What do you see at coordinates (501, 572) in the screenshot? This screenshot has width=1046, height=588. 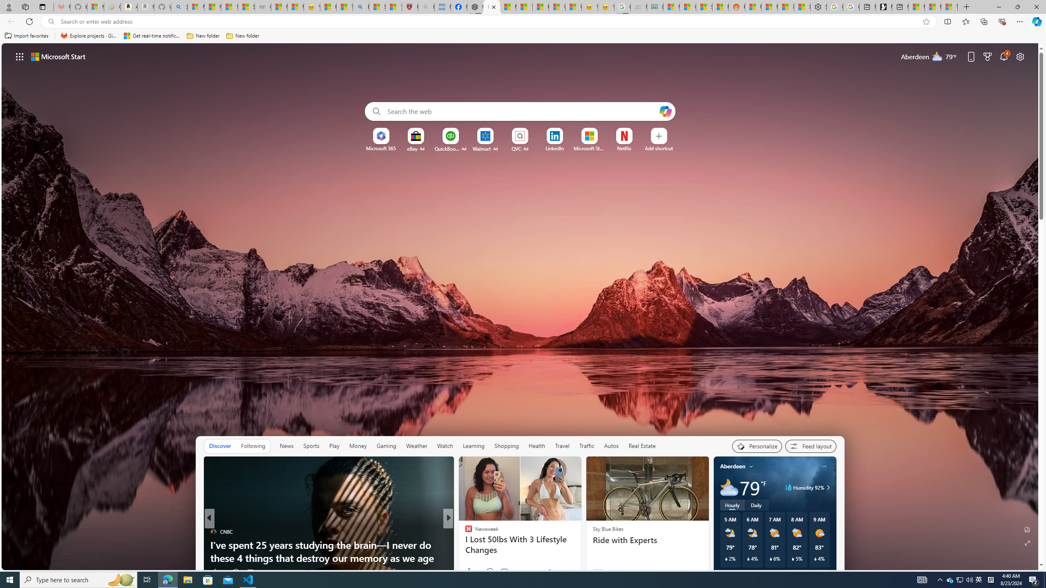 I see `'View comments 9 Comment'` at bounding box center [501, 572].